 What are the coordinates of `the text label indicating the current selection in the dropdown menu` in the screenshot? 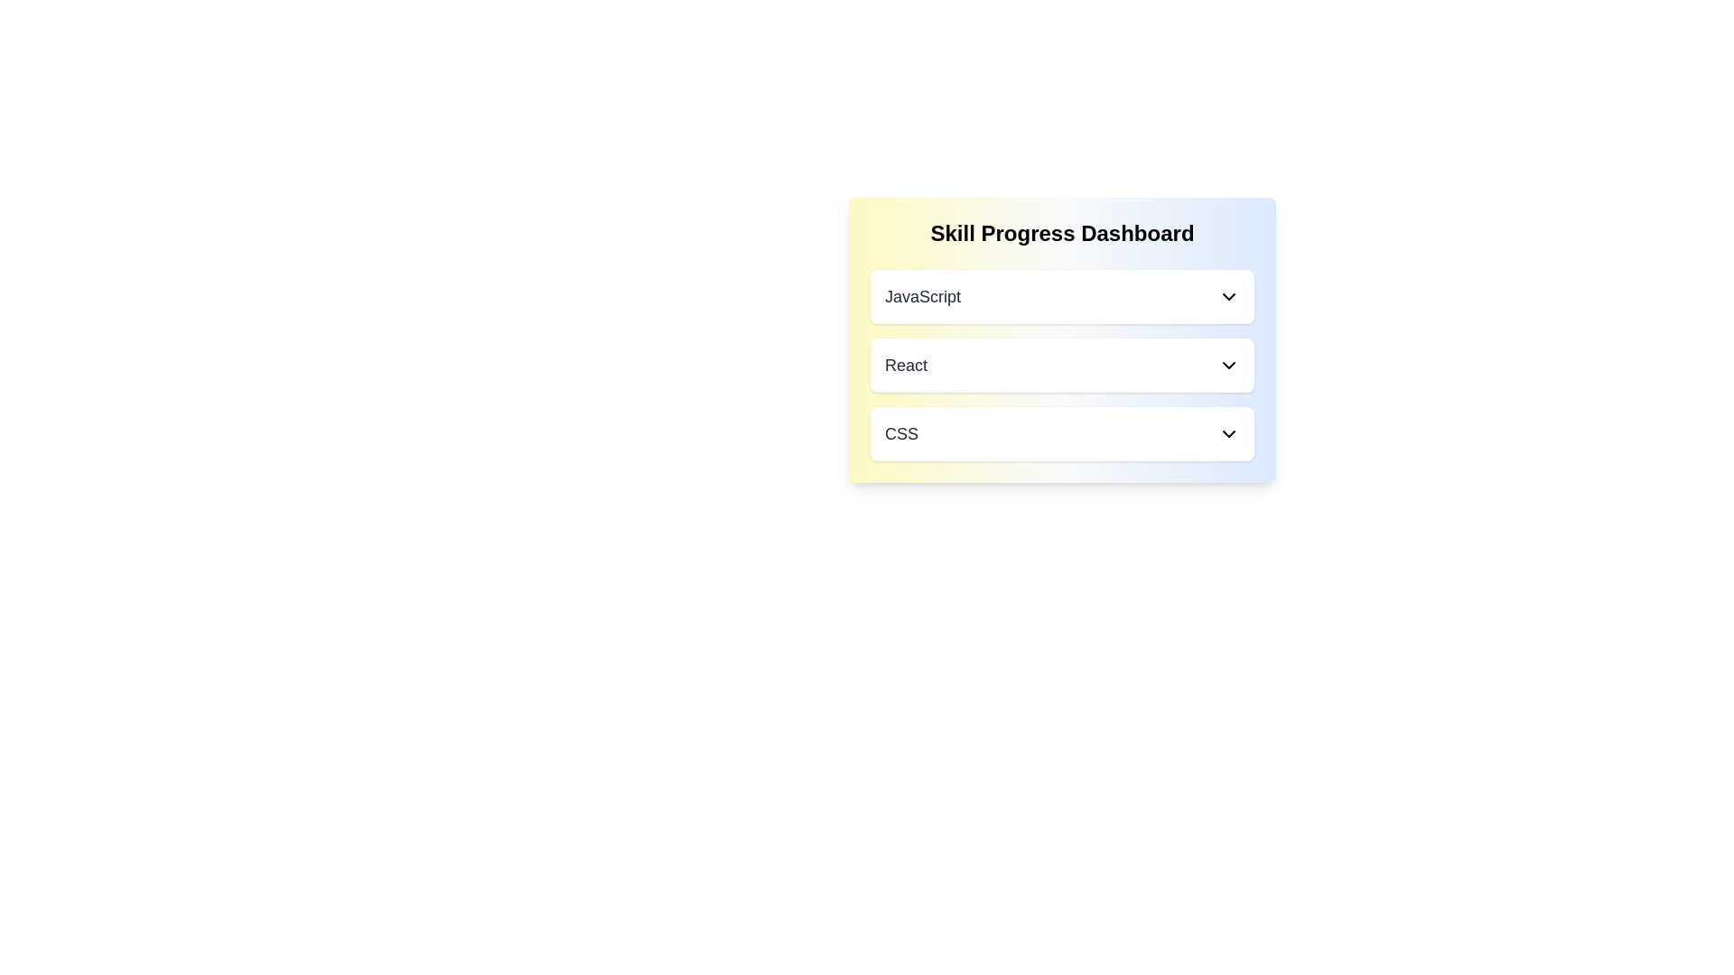 It's located at (923, 295).